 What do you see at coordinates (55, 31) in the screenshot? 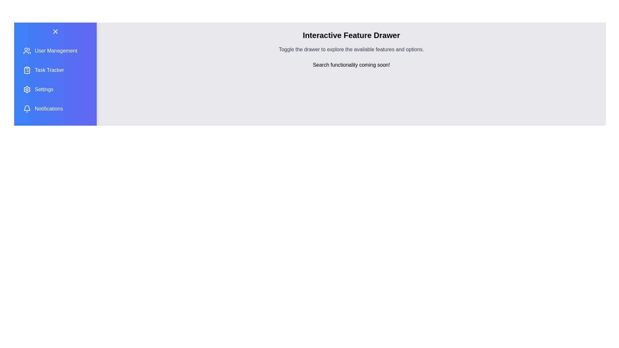
I see `the toggle button to toggle the drawer open or closed` at bounding box center [55, 31].